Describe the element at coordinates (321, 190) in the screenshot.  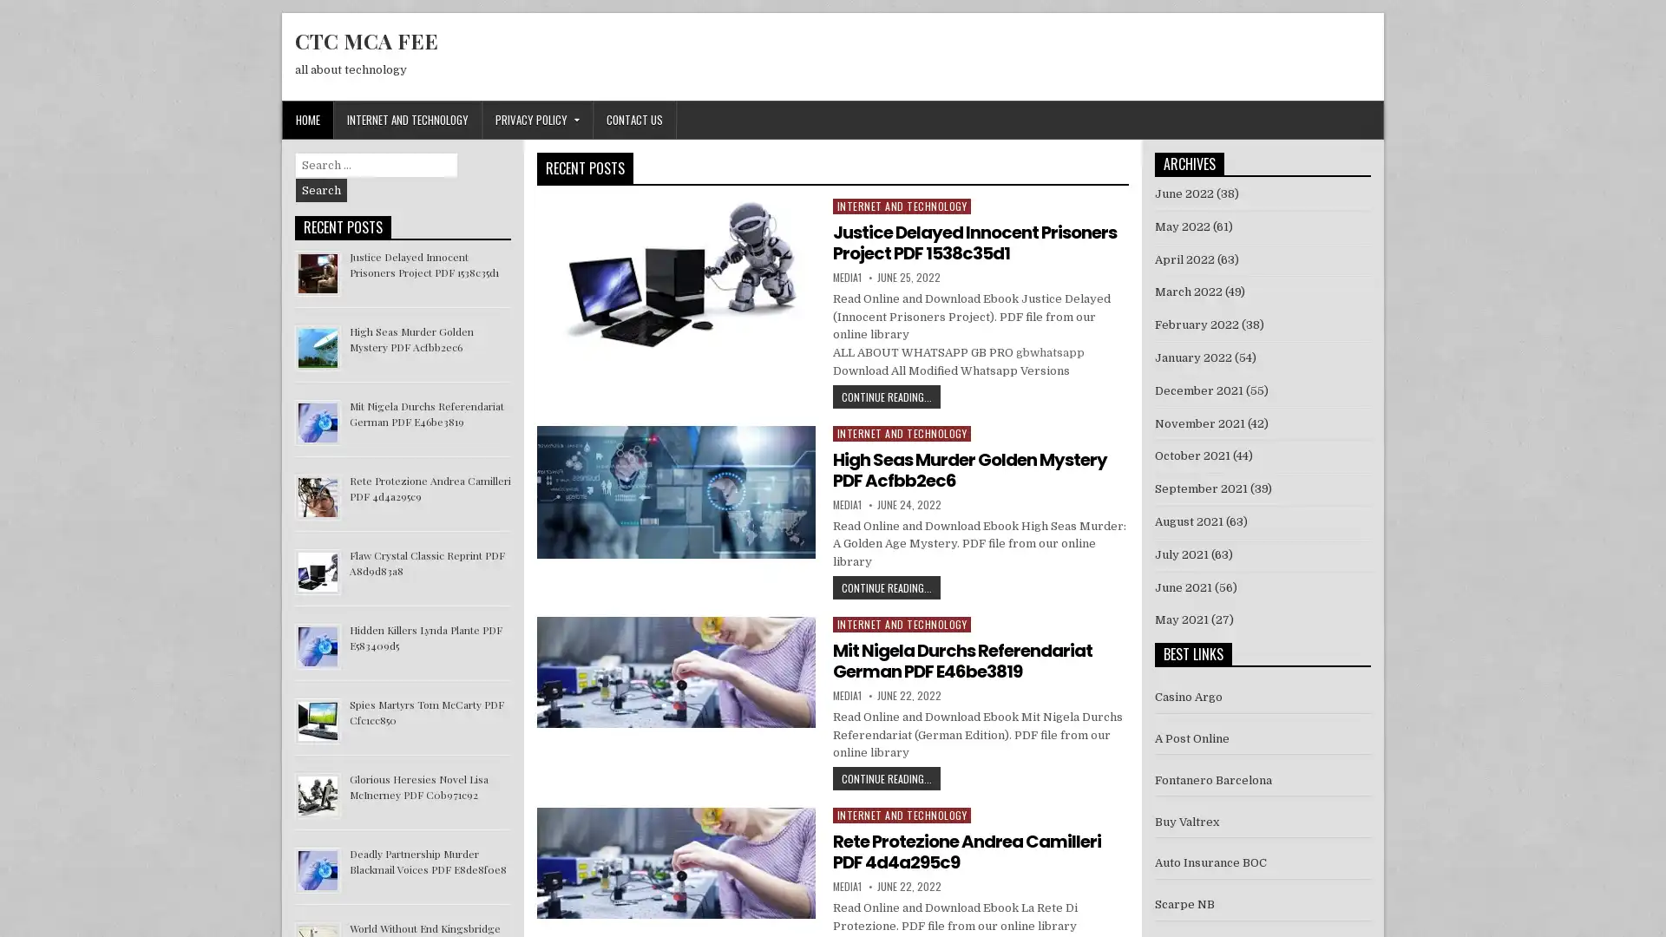
I see `Search` at that location.